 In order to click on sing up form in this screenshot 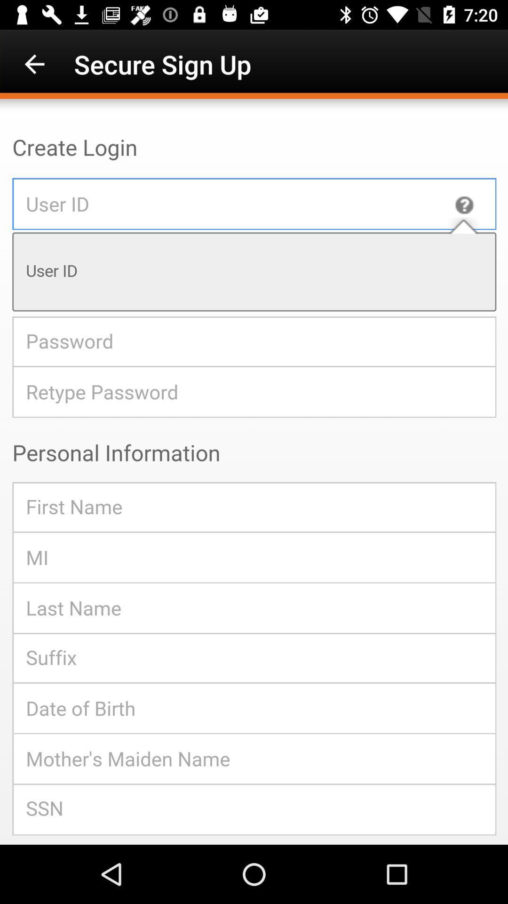, I will do `click(254, 472)`.